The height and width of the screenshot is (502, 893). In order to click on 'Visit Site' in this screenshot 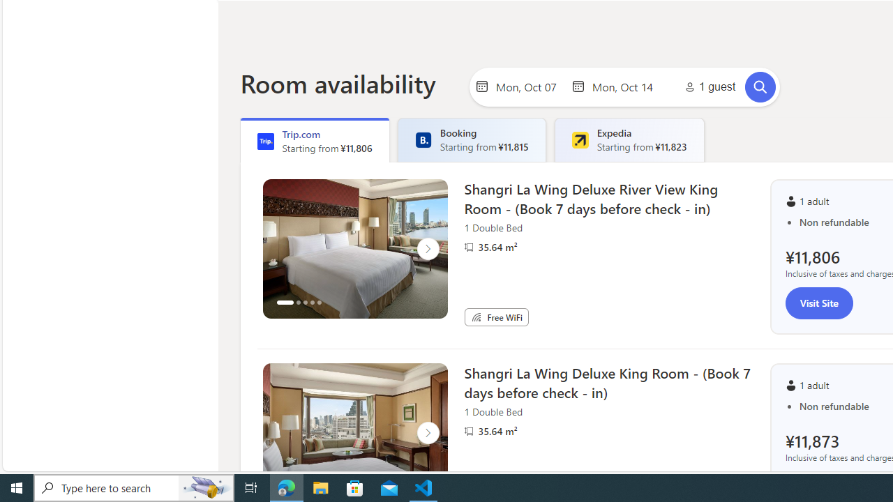, I will do `click(818, 302)`.